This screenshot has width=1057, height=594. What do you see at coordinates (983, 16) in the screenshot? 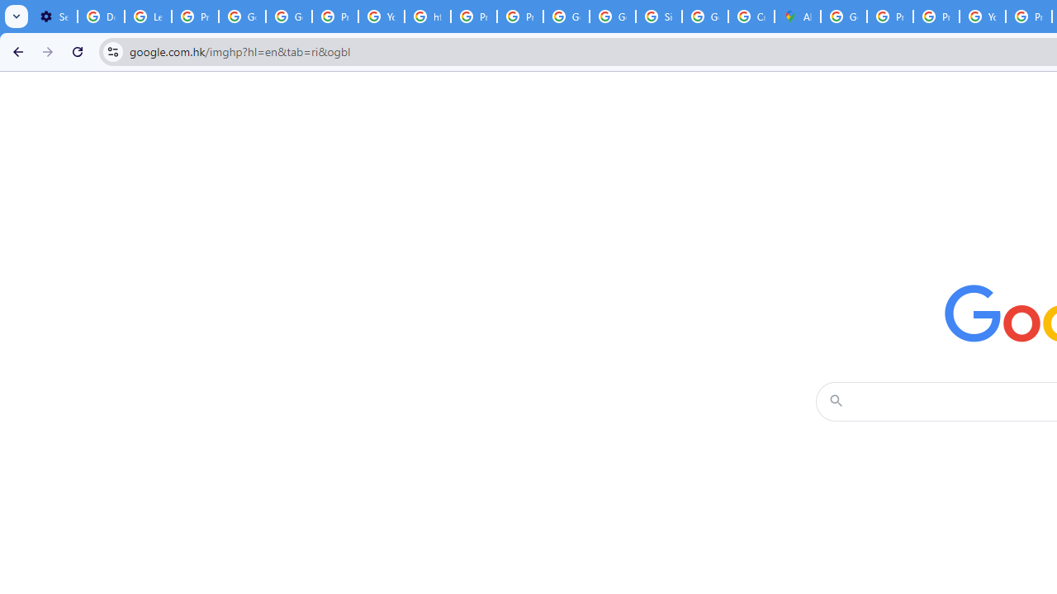
I see `'YouTube'` at bounding box center [983, 16].